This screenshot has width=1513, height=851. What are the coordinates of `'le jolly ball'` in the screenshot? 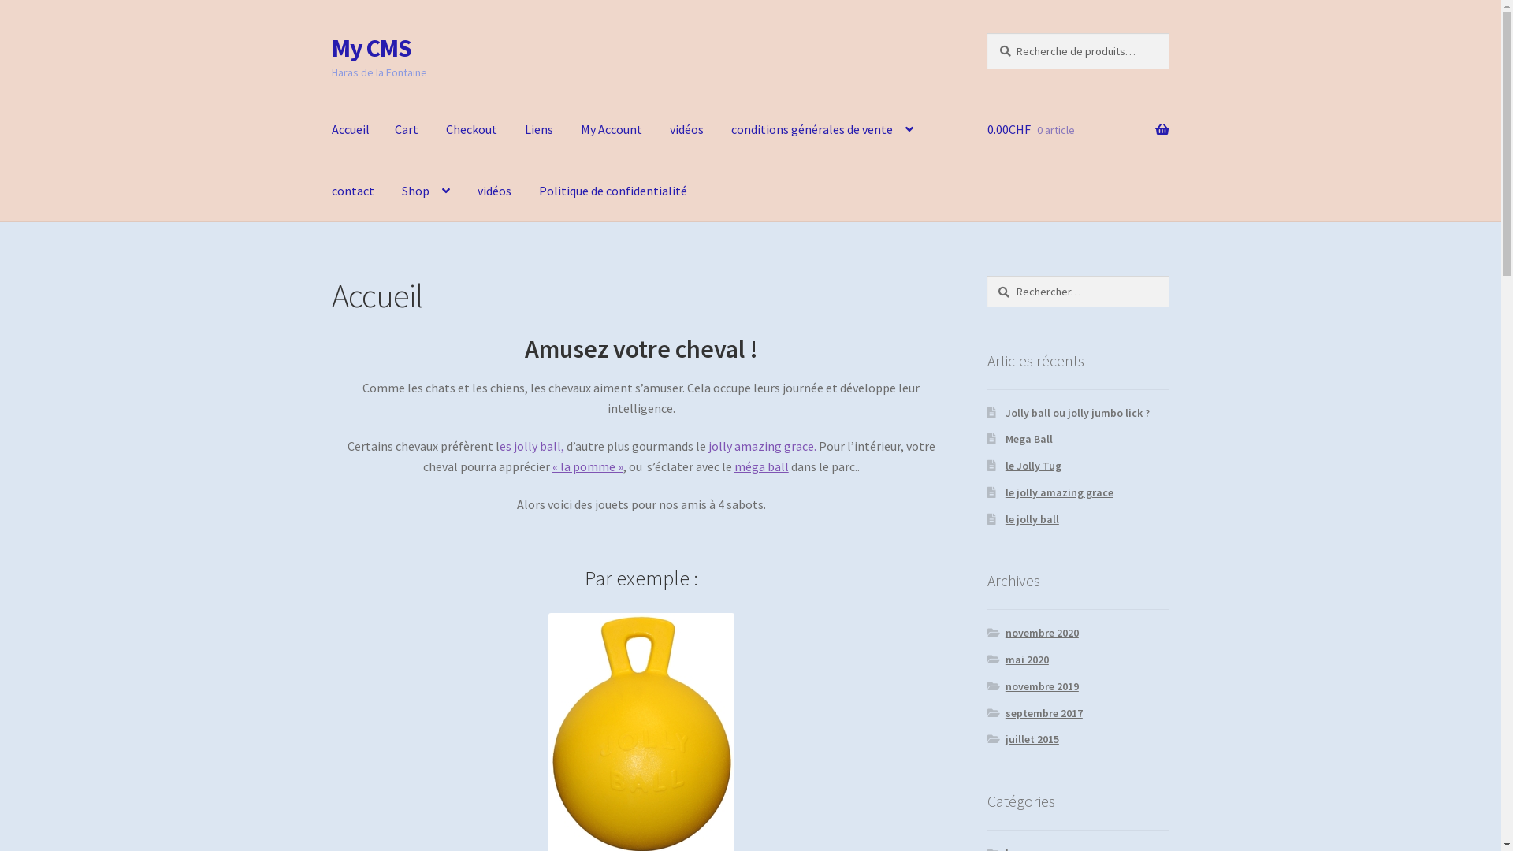 It's located at (1032, 519).